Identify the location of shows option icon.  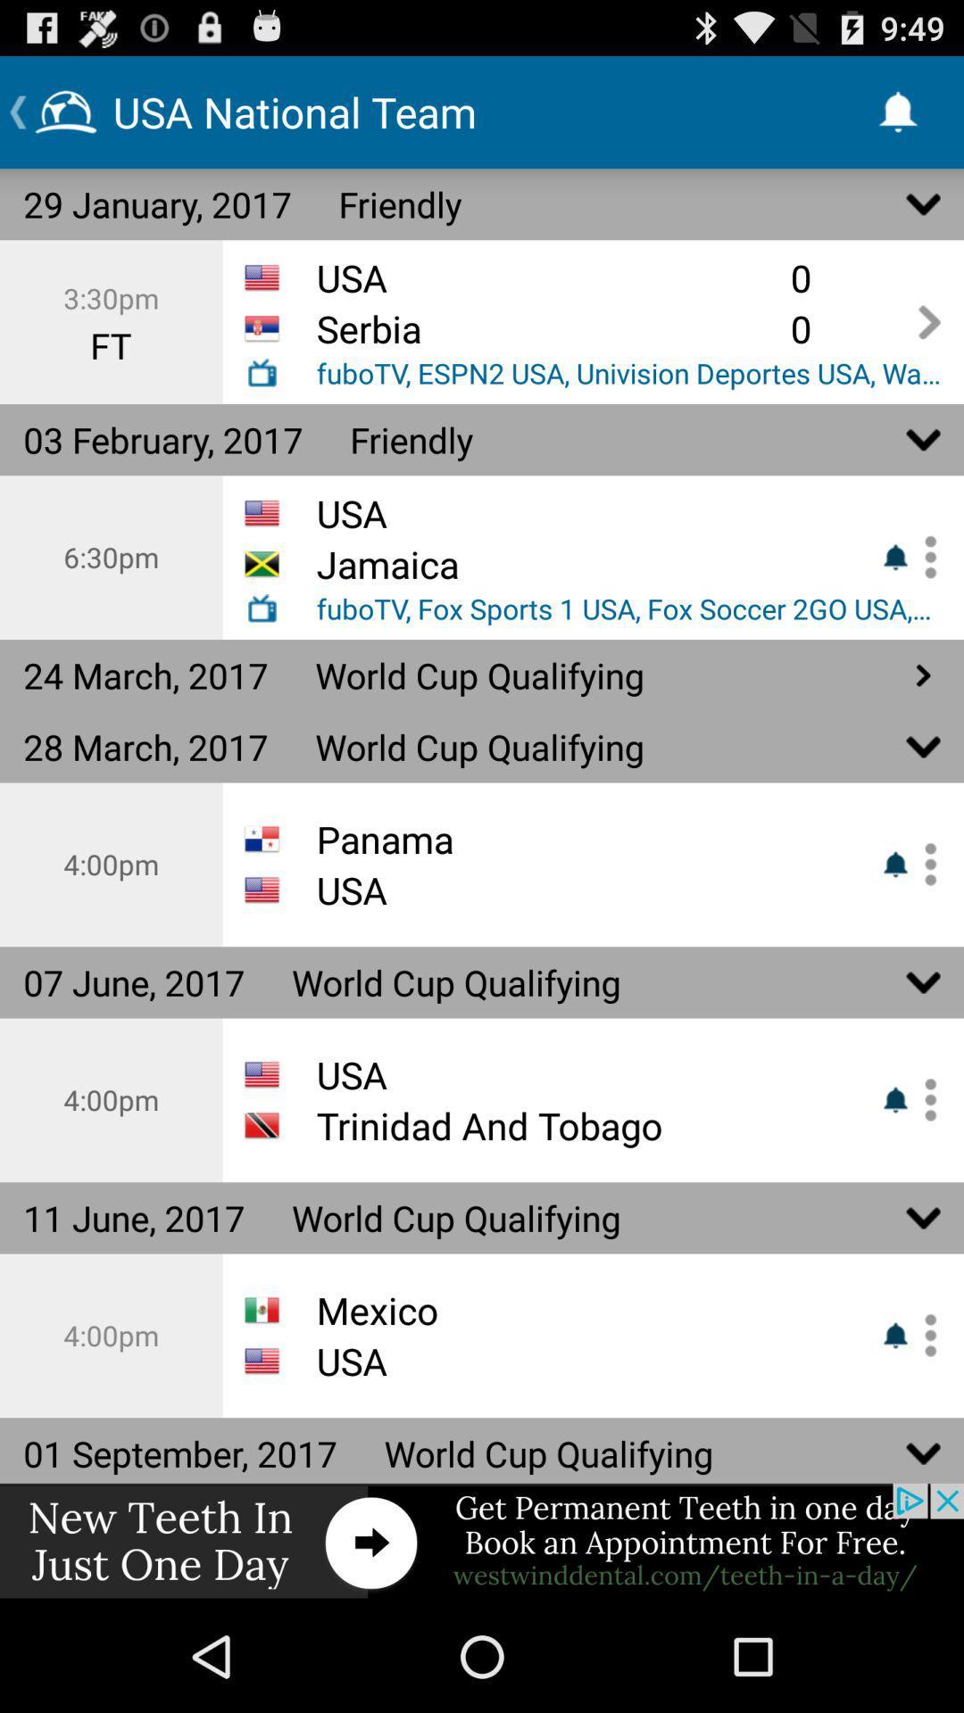
(924, 865).